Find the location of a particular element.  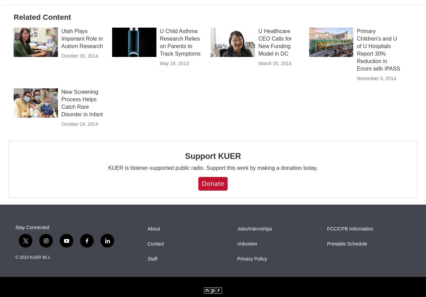

'About' is located at coordinates (153, 243).